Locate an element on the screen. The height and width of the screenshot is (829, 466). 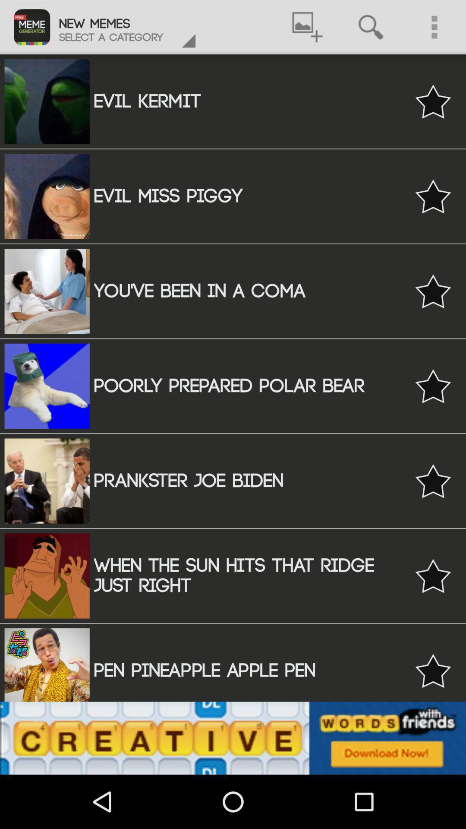
mark favorite is located at coordinates (433, 481).